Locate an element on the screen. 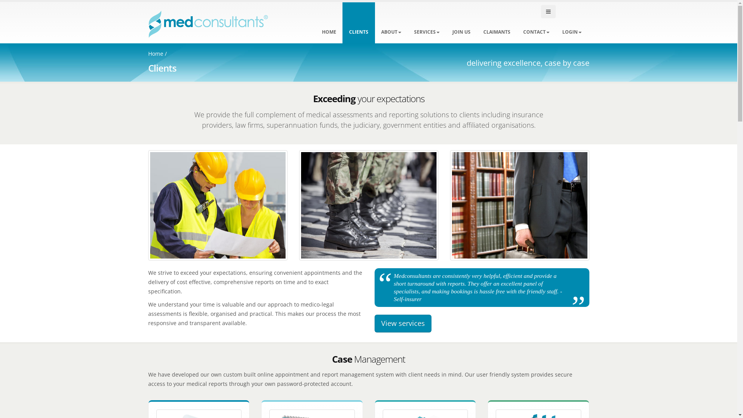 This screenshot has width=743, height=418. 'HOME' is located at coordinates (329, 22).